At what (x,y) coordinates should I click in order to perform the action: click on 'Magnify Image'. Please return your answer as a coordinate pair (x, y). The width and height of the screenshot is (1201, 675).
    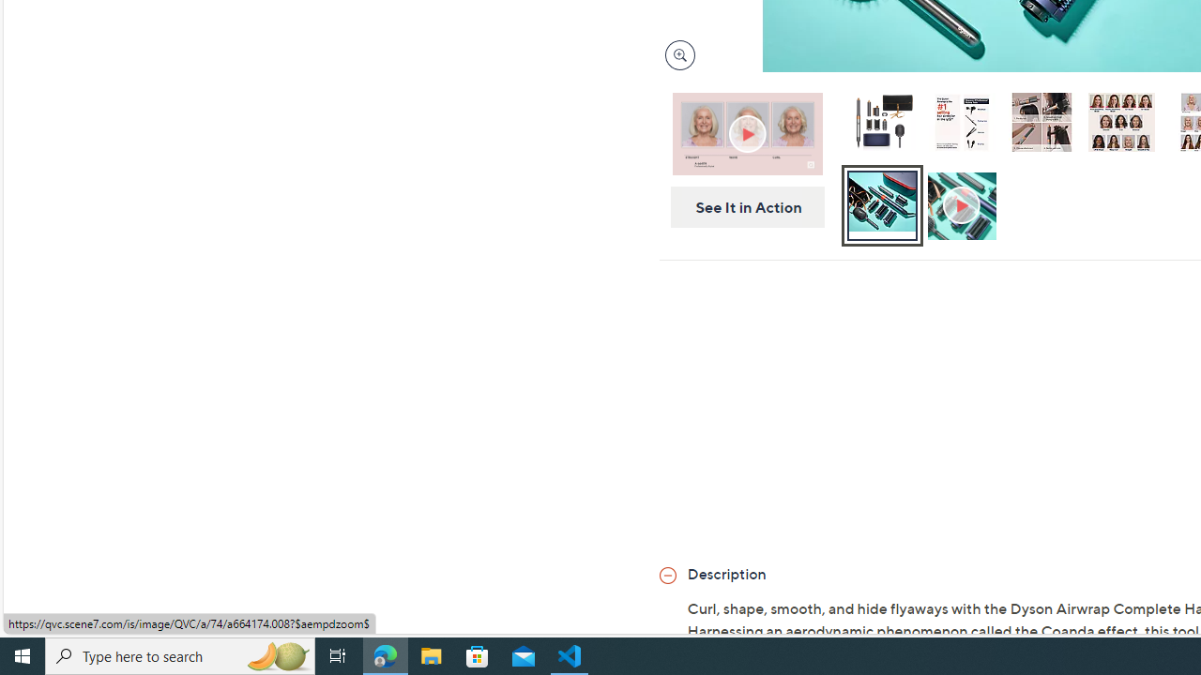
    Looking at the image, I should click on (678, 53).